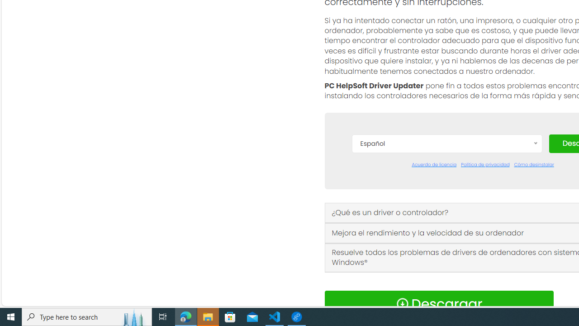  I want to click on 'Acuerdo de licencia', so click(434, 164).